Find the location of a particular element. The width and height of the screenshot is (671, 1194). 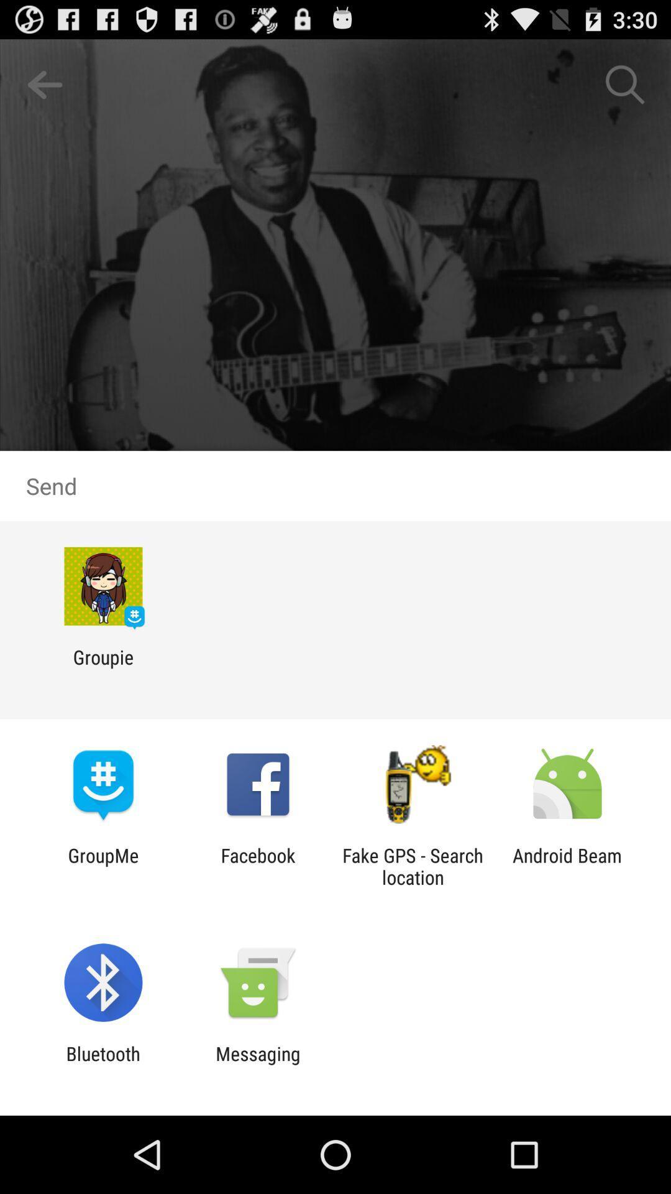

the app to the right of the bluetooth item is located at coordinates (257, 1064).